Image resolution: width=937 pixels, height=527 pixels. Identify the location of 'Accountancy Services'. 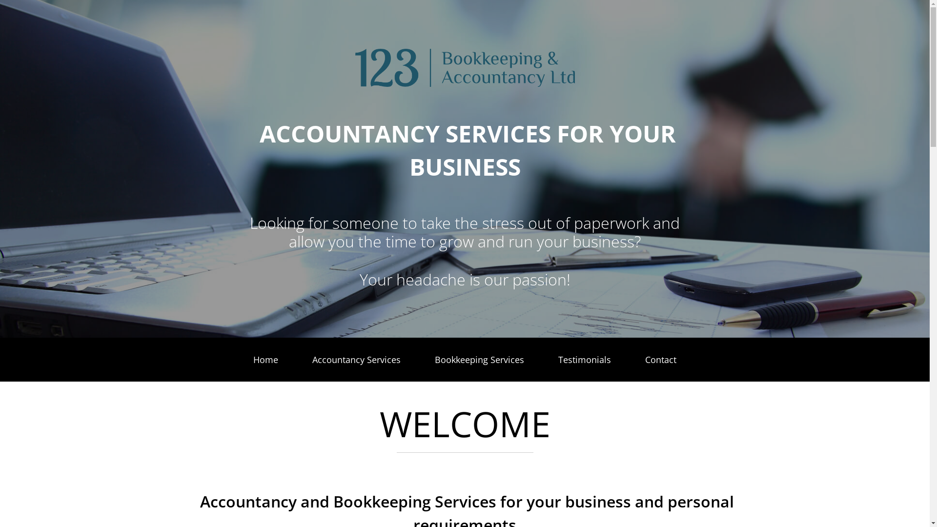
(309, 359).